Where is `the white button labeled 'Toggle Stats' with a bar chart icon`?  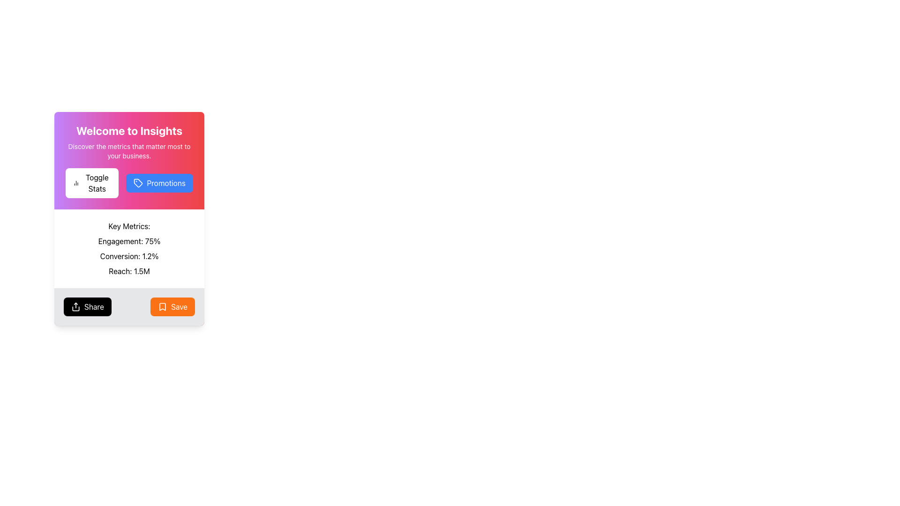 the white button labeled 'Toggle Stats' with a bar chart icon is located at coordinates (92, 183).